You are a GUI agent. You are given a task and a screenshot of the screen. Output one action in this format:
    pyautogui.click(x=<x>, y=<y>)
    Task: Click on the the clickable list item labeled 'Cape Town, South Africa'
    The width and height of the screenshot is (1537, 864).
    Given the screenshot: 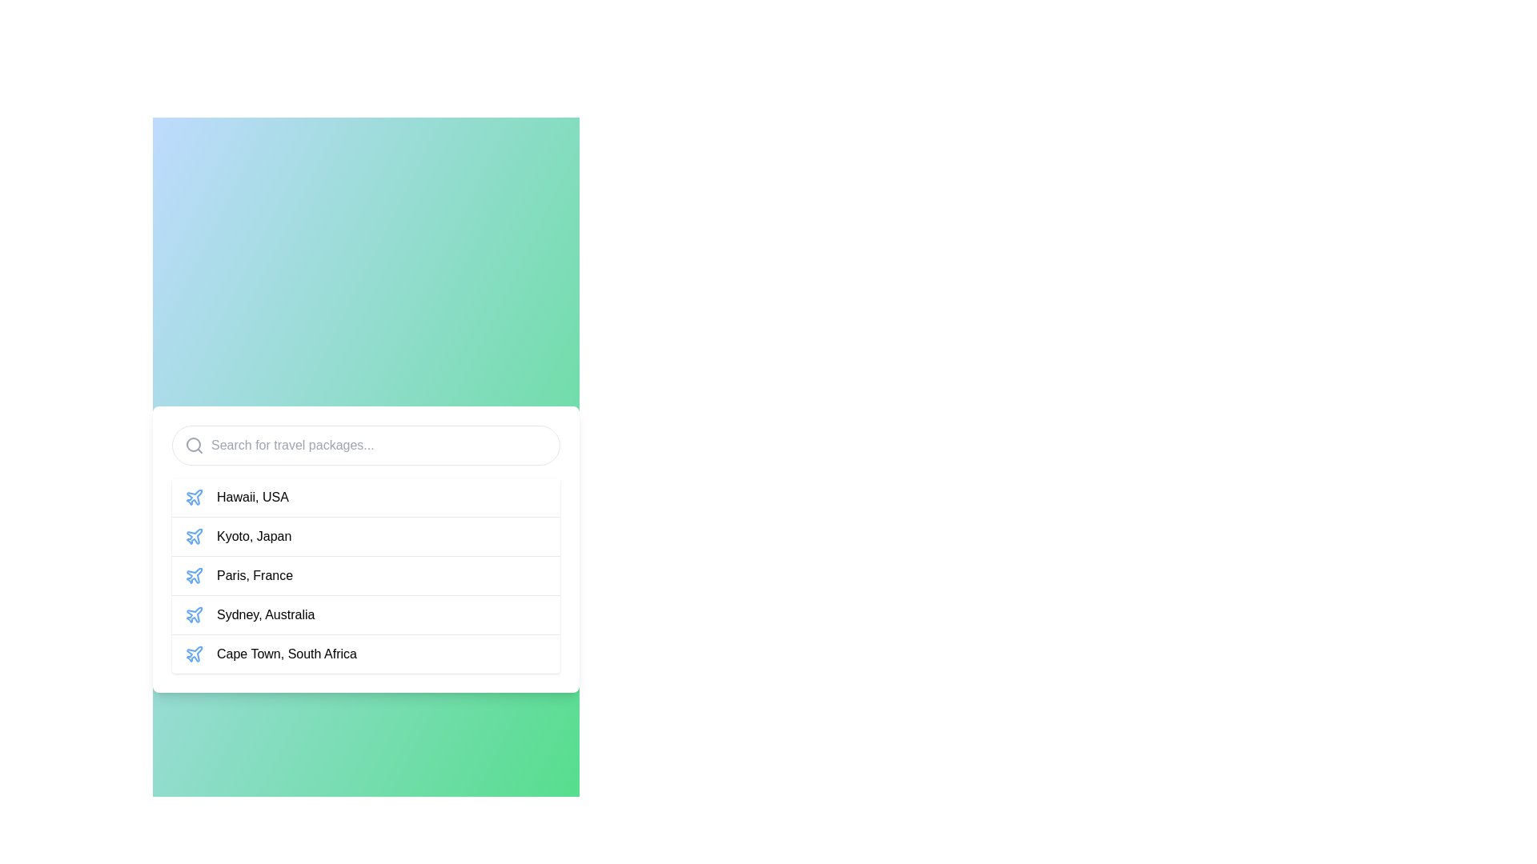 What is the action you would take?
    pyautogui.click(x=365, y=654)
    